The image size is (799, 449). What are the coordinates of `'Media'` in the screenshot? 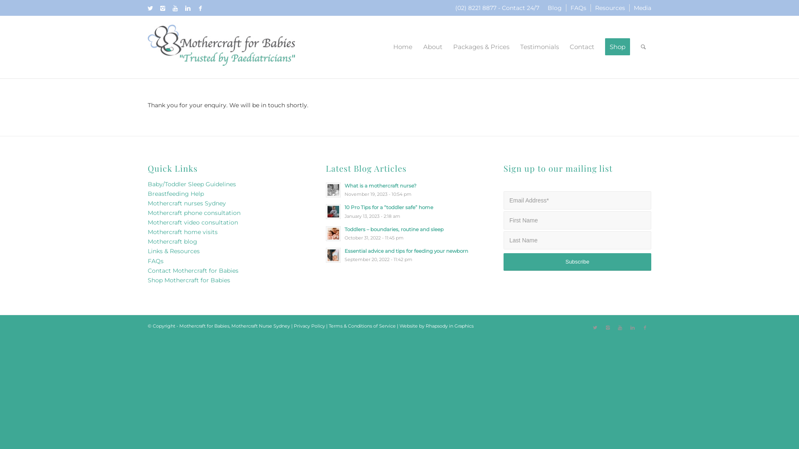 It's located at (642, 8).